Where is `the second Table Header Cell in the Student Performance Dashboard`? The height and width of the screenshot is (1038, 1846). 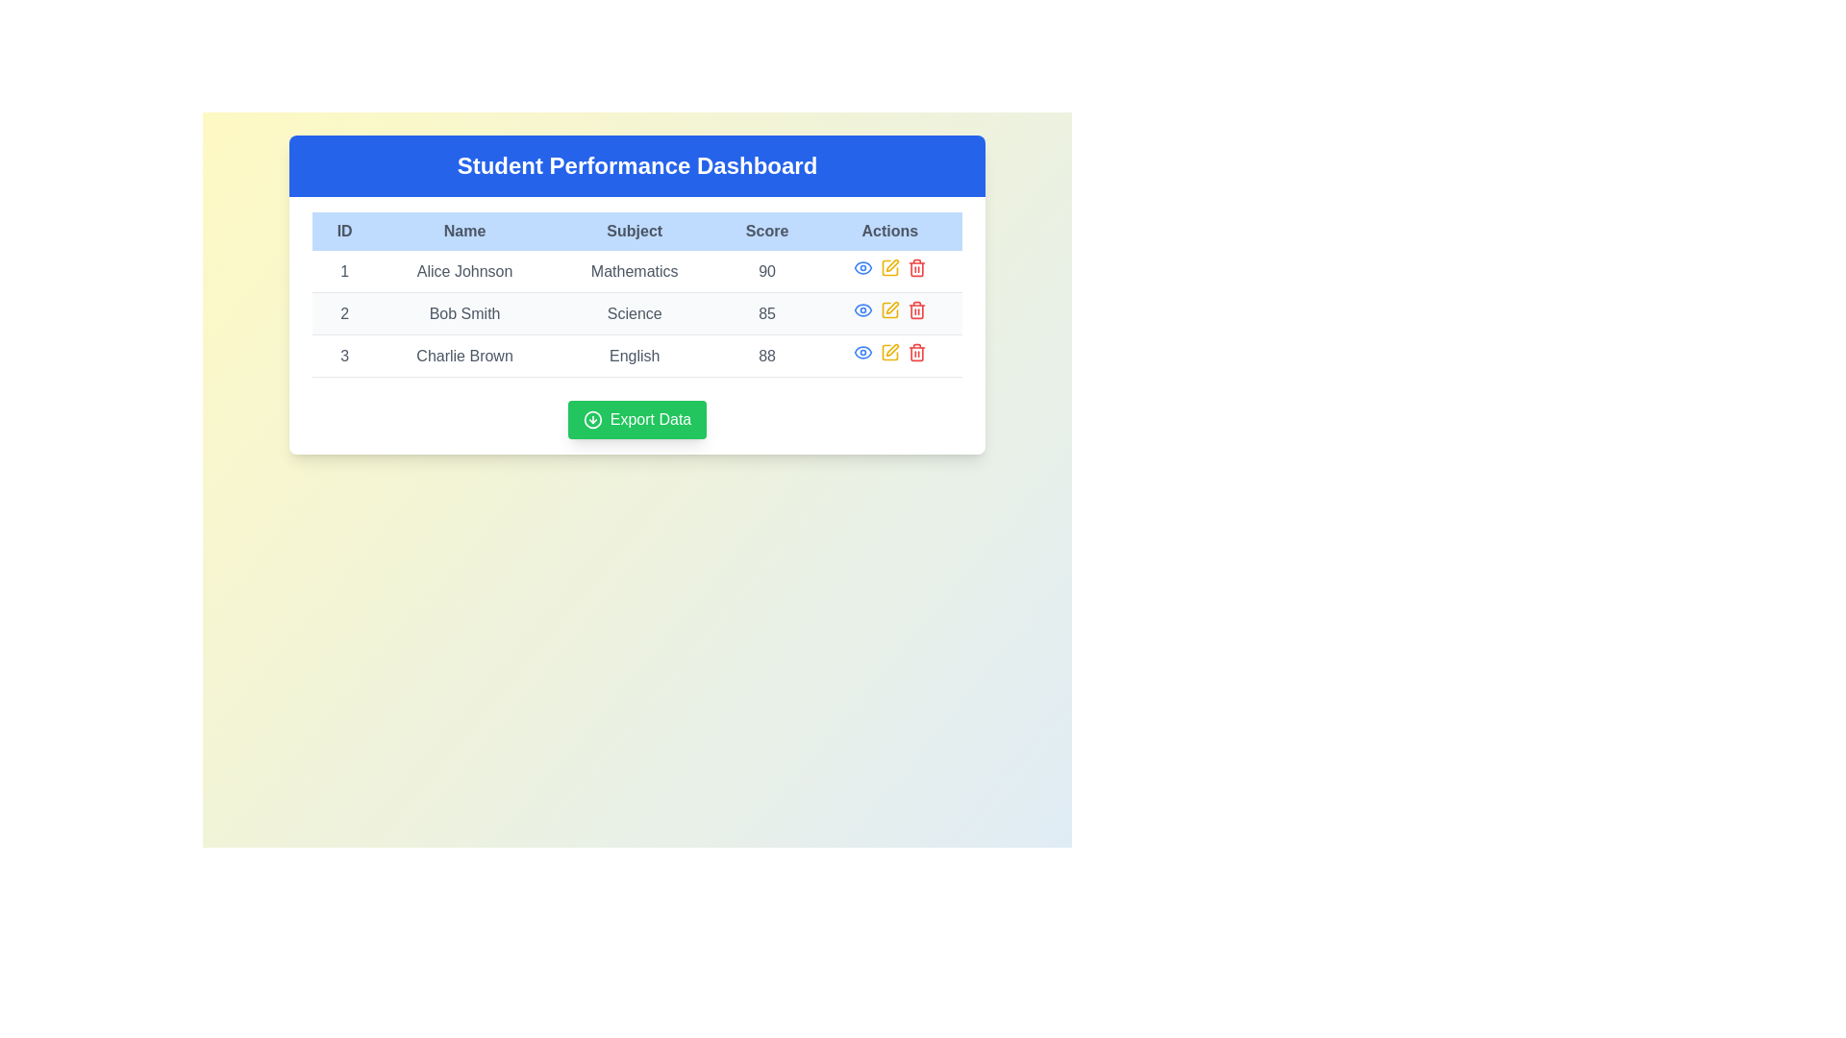 the second Table Header Cell in the Student Performance Dashboard is located at coordinates (464, 230).